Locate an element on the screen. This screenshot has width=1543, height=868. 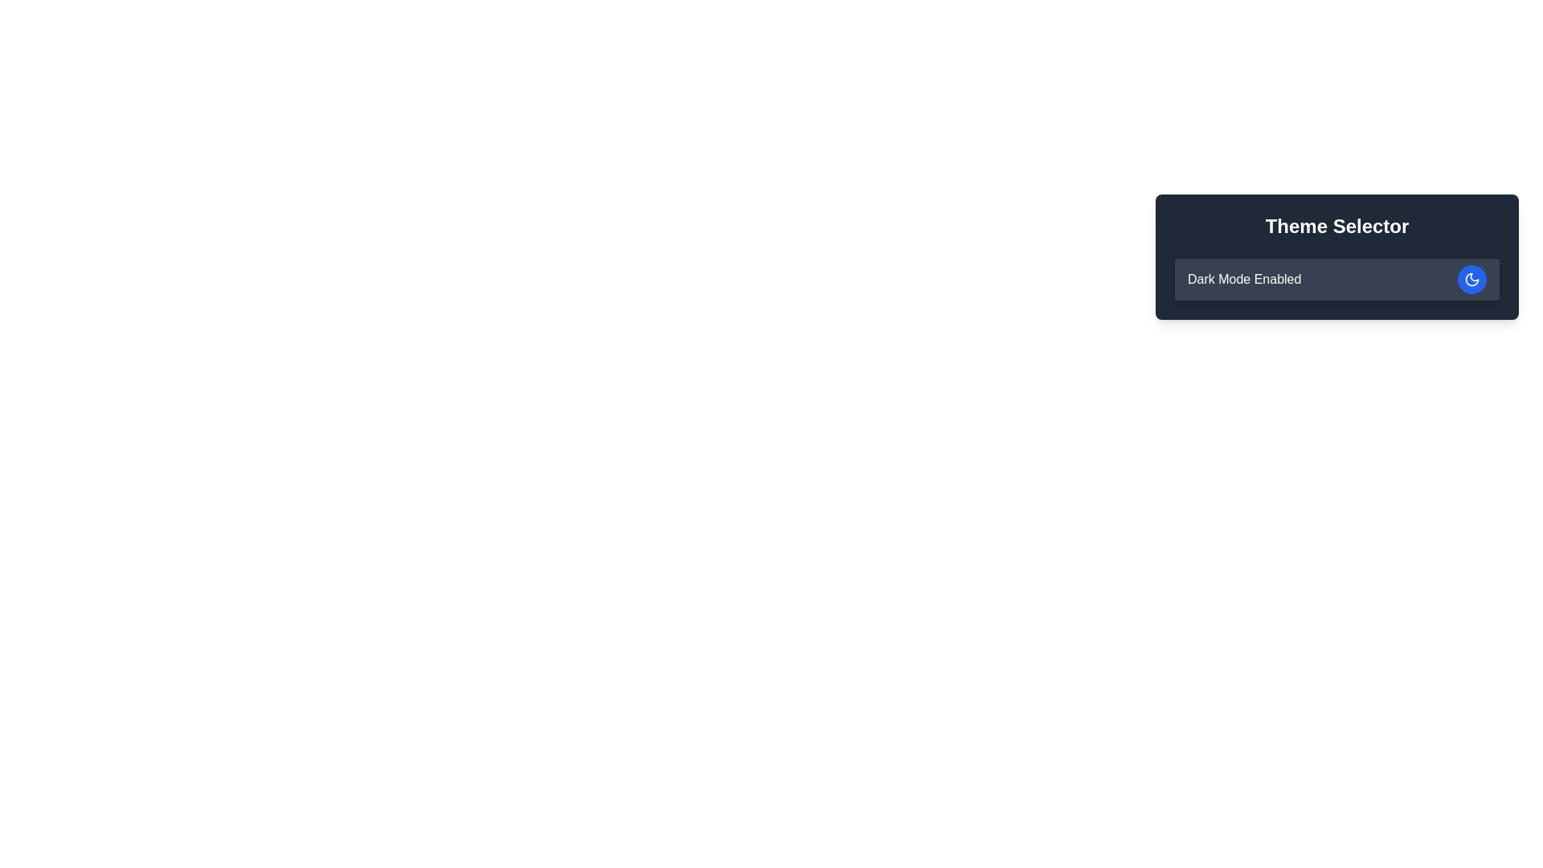
the night mode toggle icon located within the circular area to the right of the 'Dark Mode Enabled' button is located at coordinates (1472, 278).